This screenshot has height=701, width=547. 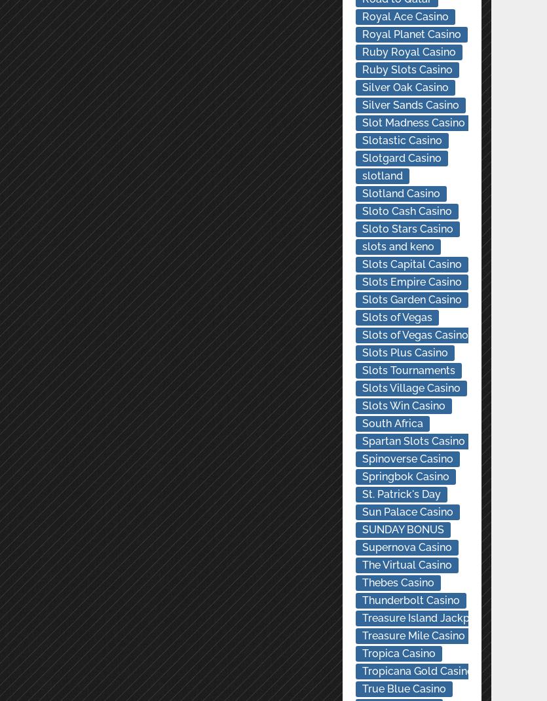 I want to click on 'Slots of Vegas Casino', so click(x=362, y=335).